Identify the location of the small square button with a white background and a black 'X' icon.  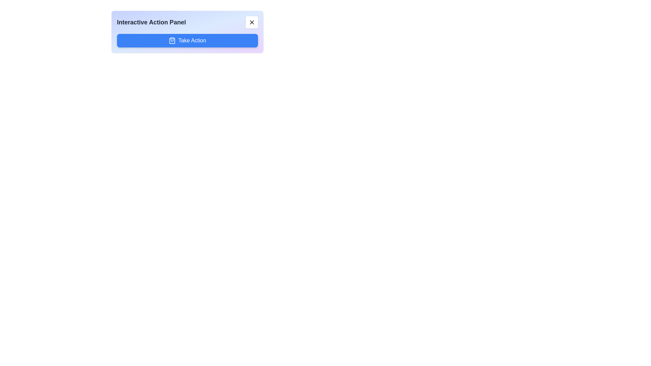
(252, 22).